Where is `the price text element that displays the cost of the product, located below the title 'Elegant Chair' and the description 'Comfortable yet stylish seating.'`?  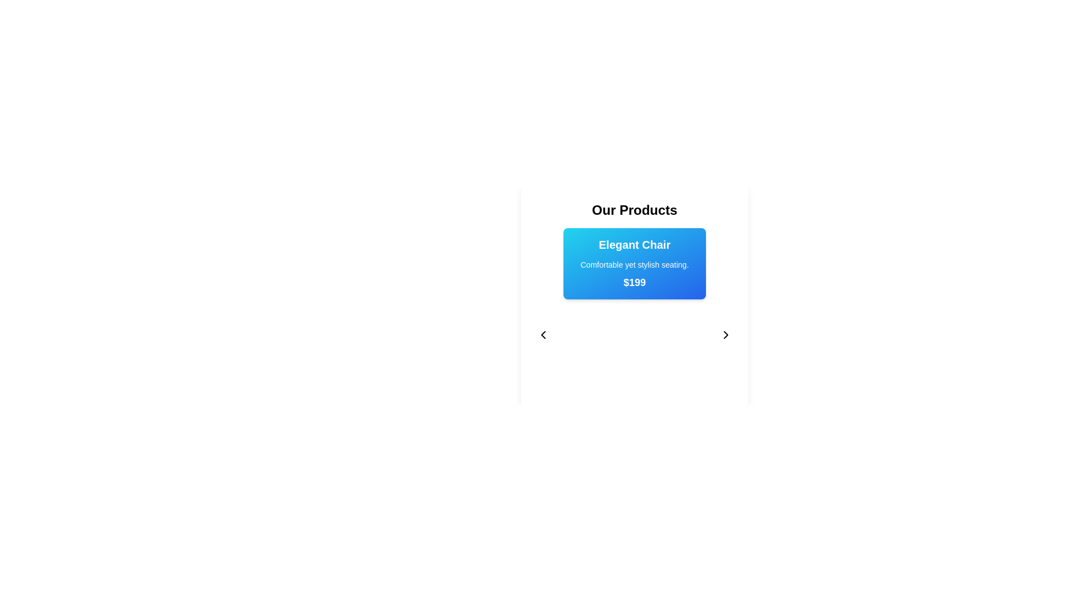
the price text element that displays the cost of the product, located below the title 'Elegant Chair' and the description 'Comfortable yet stylish seating.' is located at coordinates (634, 282).